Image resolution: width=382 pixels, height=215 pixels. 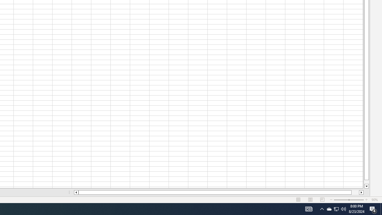 I want to click on 'Normal', so click(x=298, y=200).